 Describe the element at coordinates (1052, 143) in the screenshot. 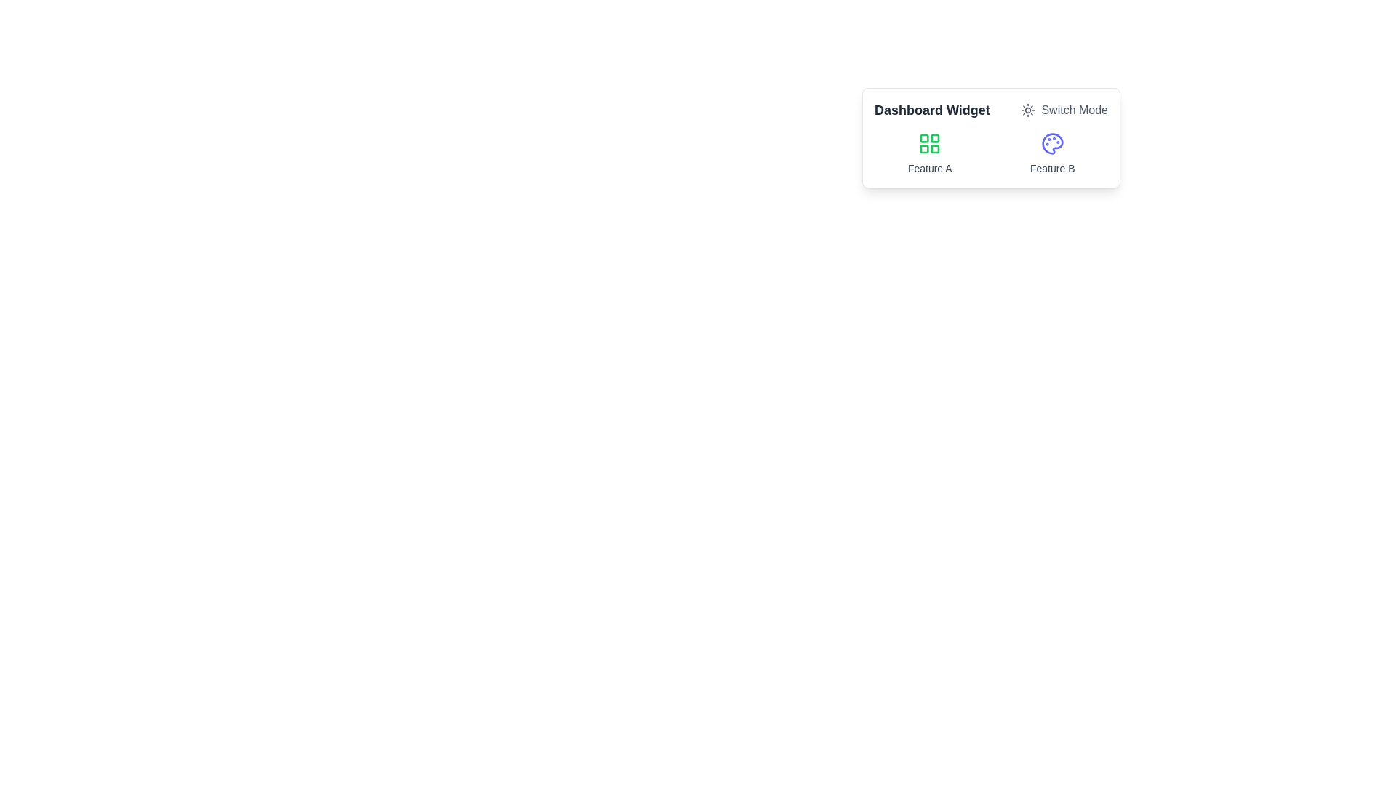

I see `the 'Feature B' icon that represents customization or artistic features, located in the second feature section above the 'Feature B' label` at that location.